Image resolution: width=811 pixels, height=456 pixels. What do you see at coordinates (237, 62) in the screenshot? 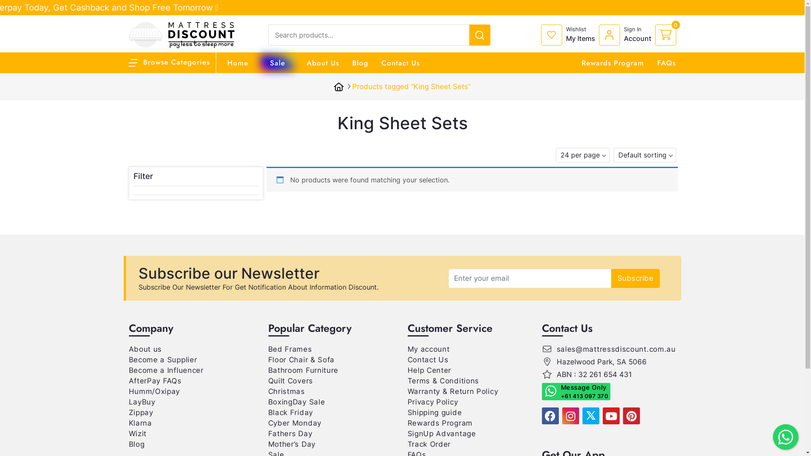
I see `'Home'` at bounding box center [237, 62].